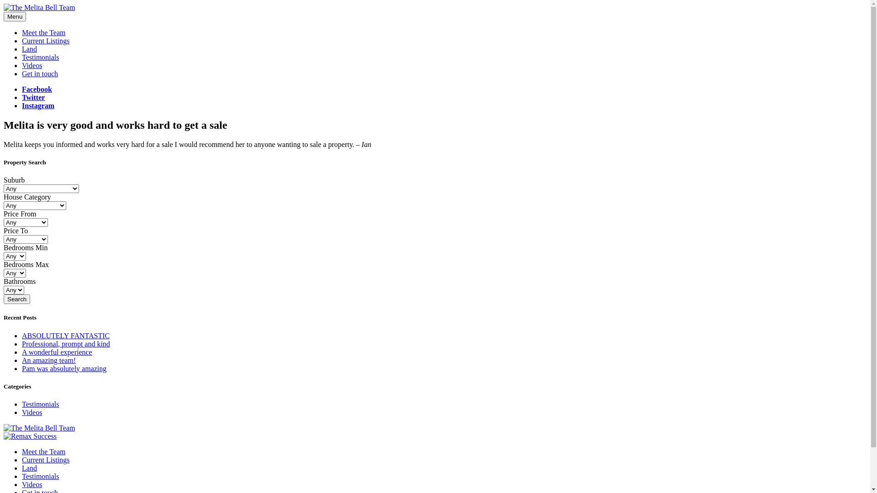  I want to click on 'ABSOLUTELY FANTASTIC', so click(22, 335).